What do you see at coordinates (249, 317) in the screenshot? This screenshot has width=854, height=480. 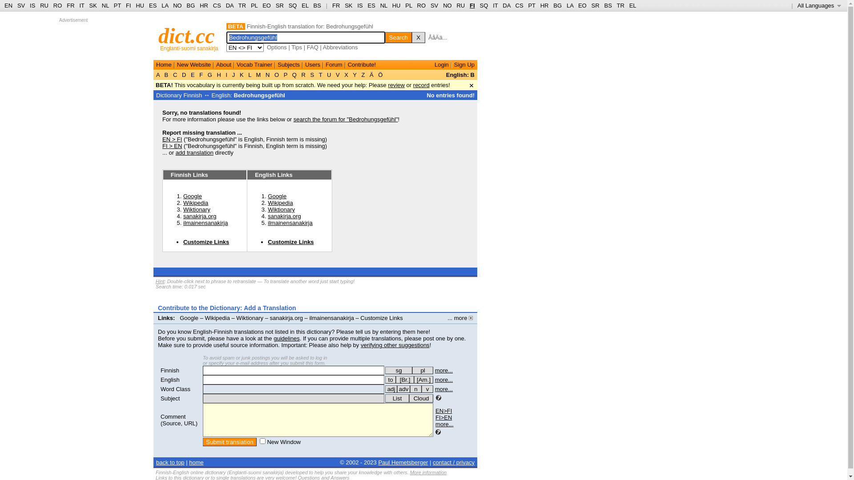 I see `'Wiktionary'` at bounding box center [249, 317].